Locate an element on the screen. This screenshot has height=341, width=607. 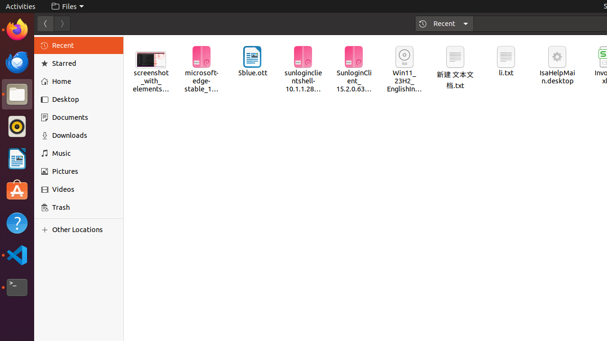
'Terminal' is located at coordinates (17, 287).